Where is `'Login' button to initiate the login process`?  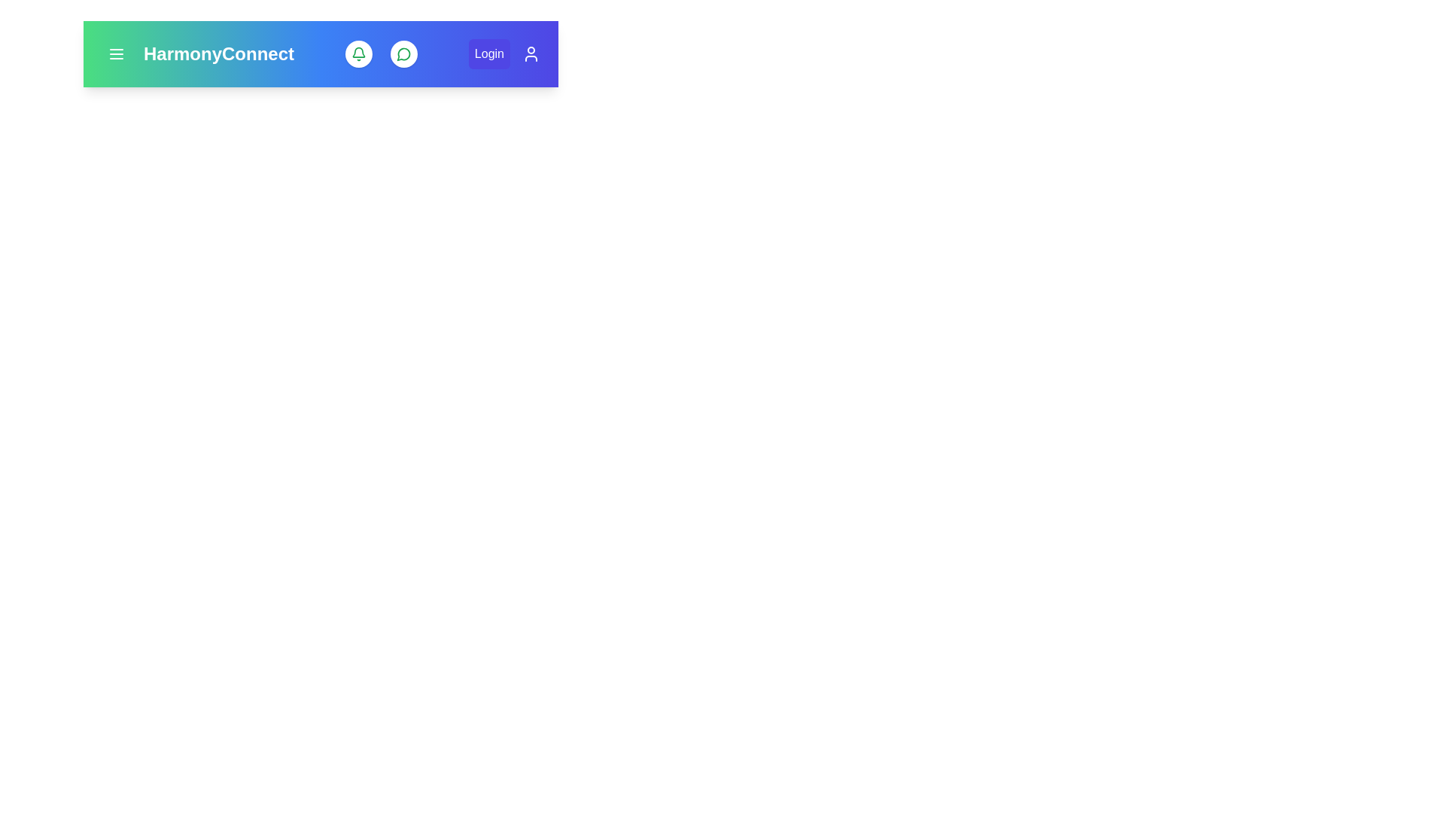
'Login' button to initiate the login process is located at coordinates (488, 53).